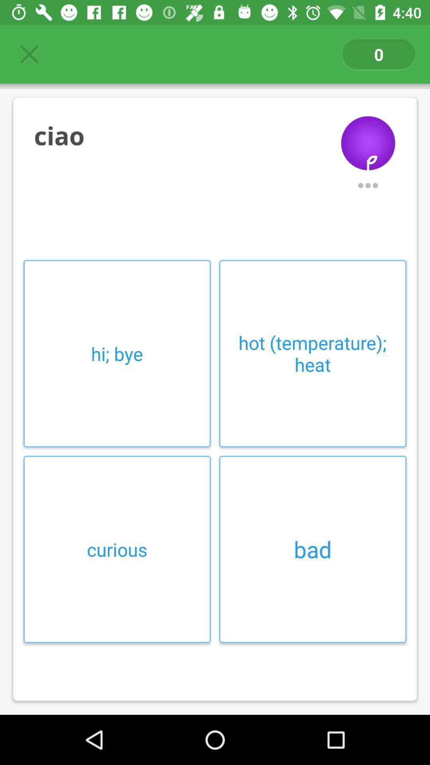  I want to click on the icon to the left of bad item, so click(117, 549).